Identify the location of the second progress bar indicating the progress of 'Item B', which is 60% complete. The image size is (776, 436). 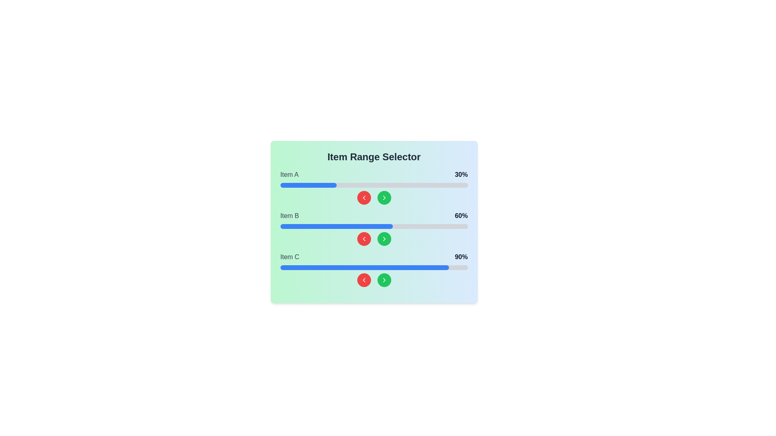
(373, 228).